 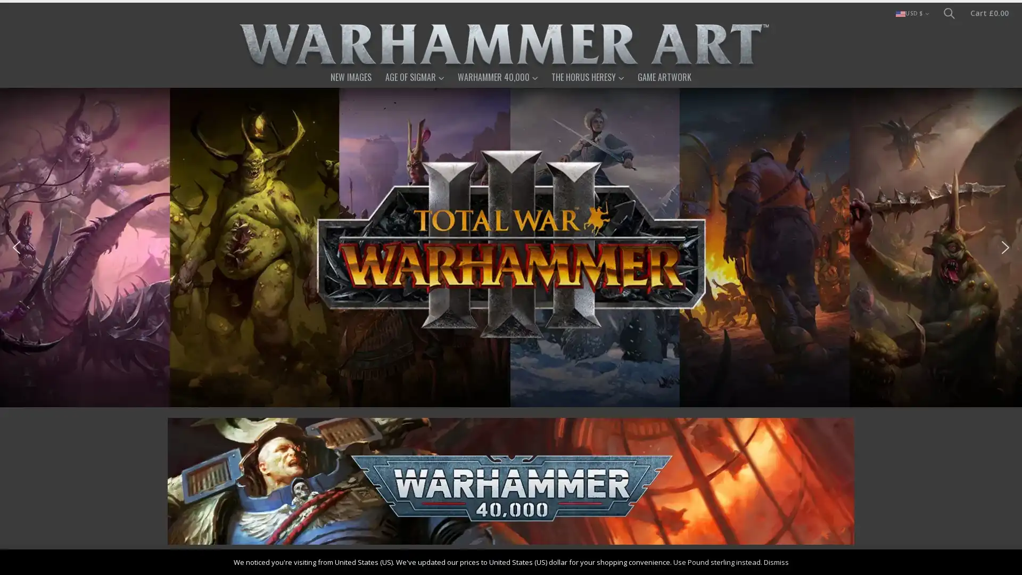 I want to click on previous arrow, so click(x=16, y=247).